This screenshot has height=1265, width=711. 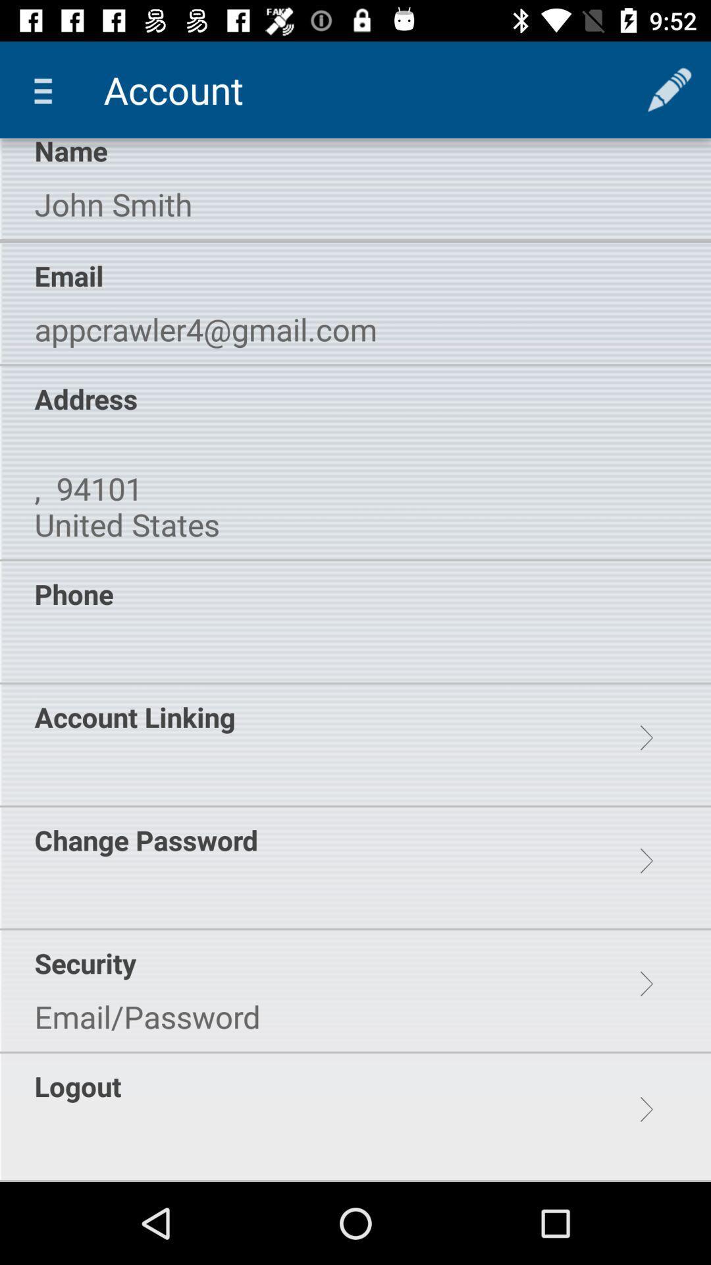 I want to click on change password, so click(x=146, y=839).